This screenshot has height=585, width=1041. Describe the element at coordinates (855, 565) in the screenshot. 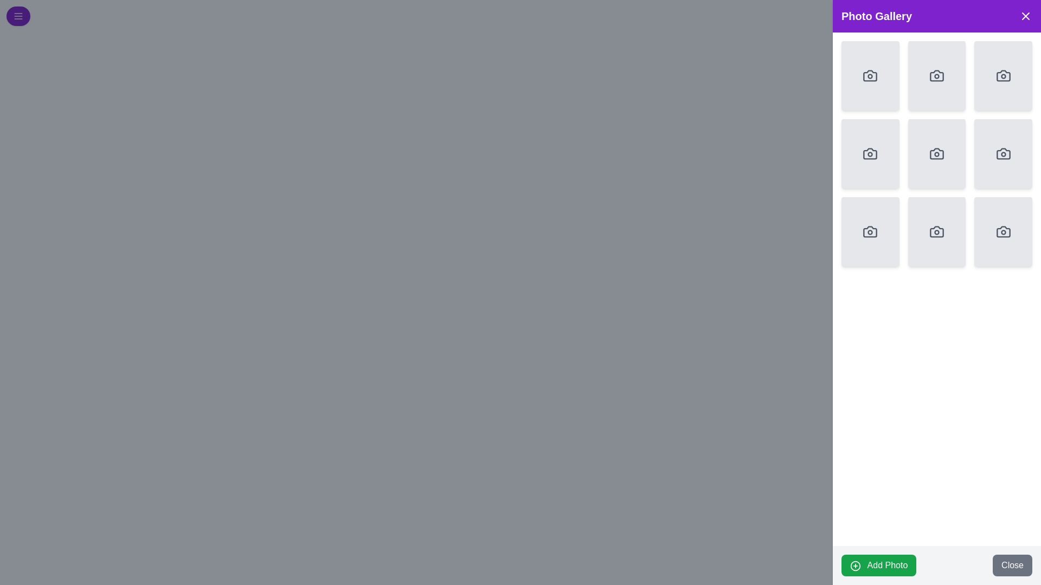

I see `the circular icon with a plus symbol located to the left of the 'Add Photo' button's text if the button functionality is tied to it` at that location.